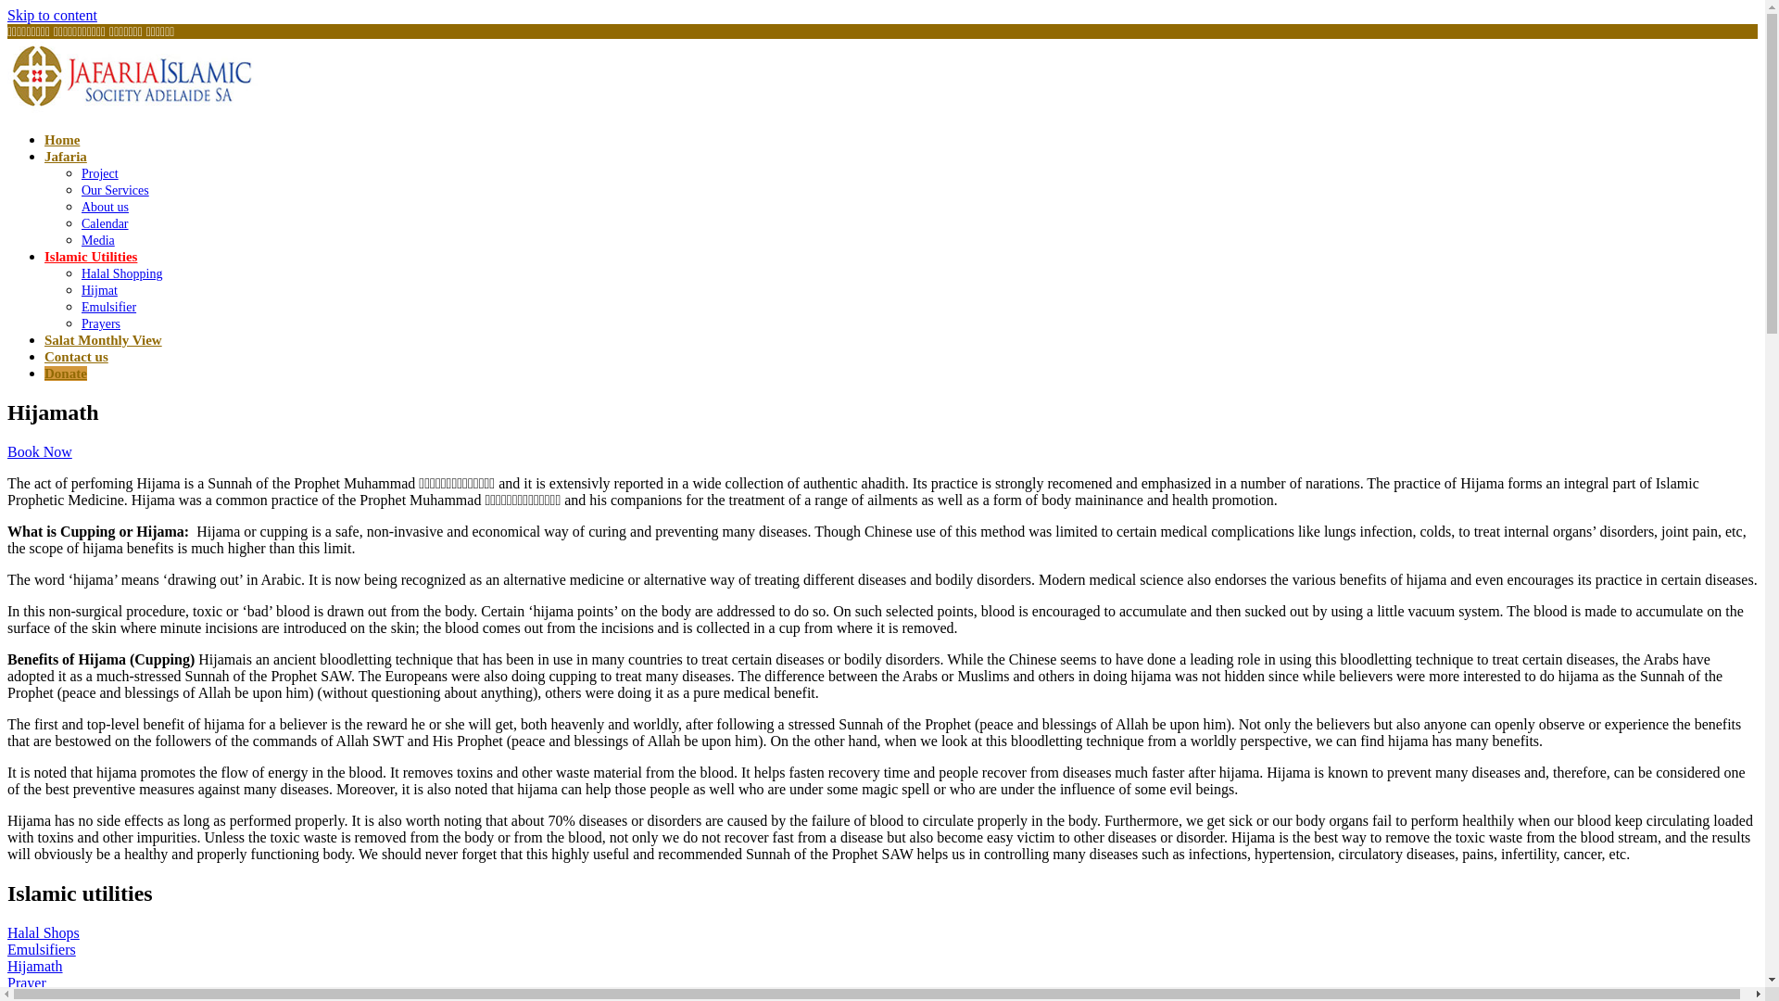 Image resolution: width=1779 pixels, height=1001 pixels. Describe the element at coordinates (44, 138) in the screenshot. I see `'Home'` at that location.